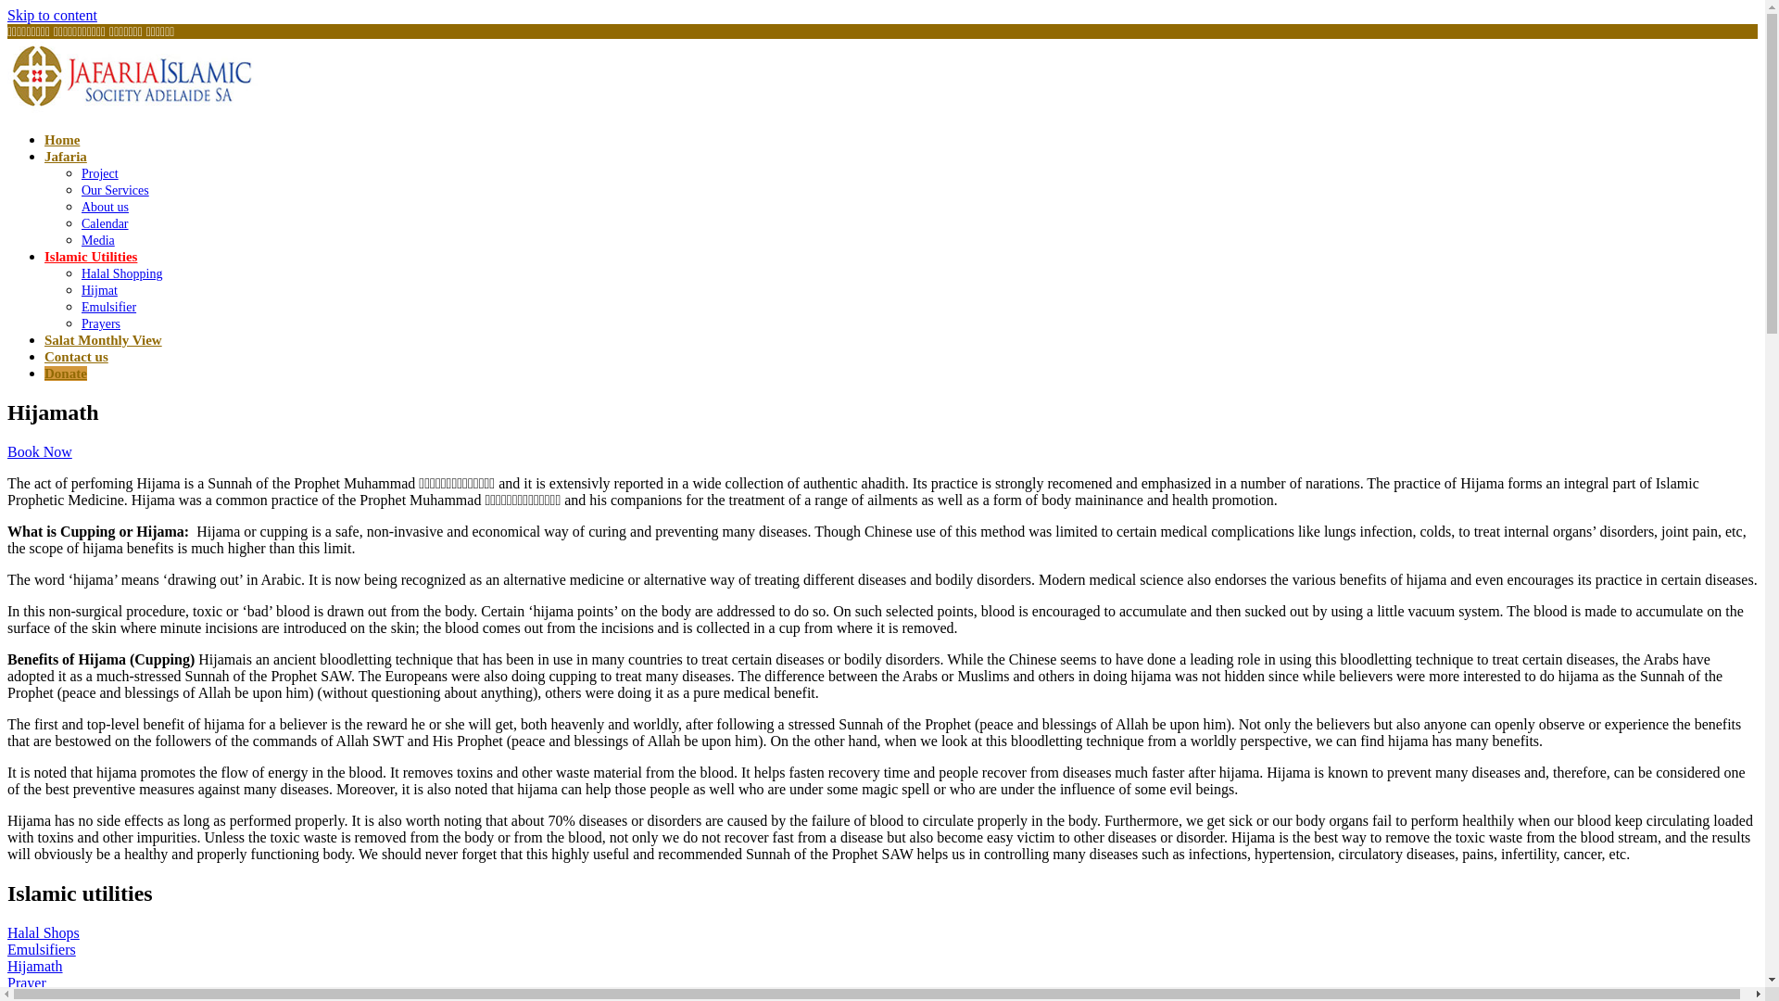 Image resolution: width=1779 pixels, height=1001 pixels. Describe the element at coordinates (44, 138) in the screenshot. I see `'Home'` at that location.